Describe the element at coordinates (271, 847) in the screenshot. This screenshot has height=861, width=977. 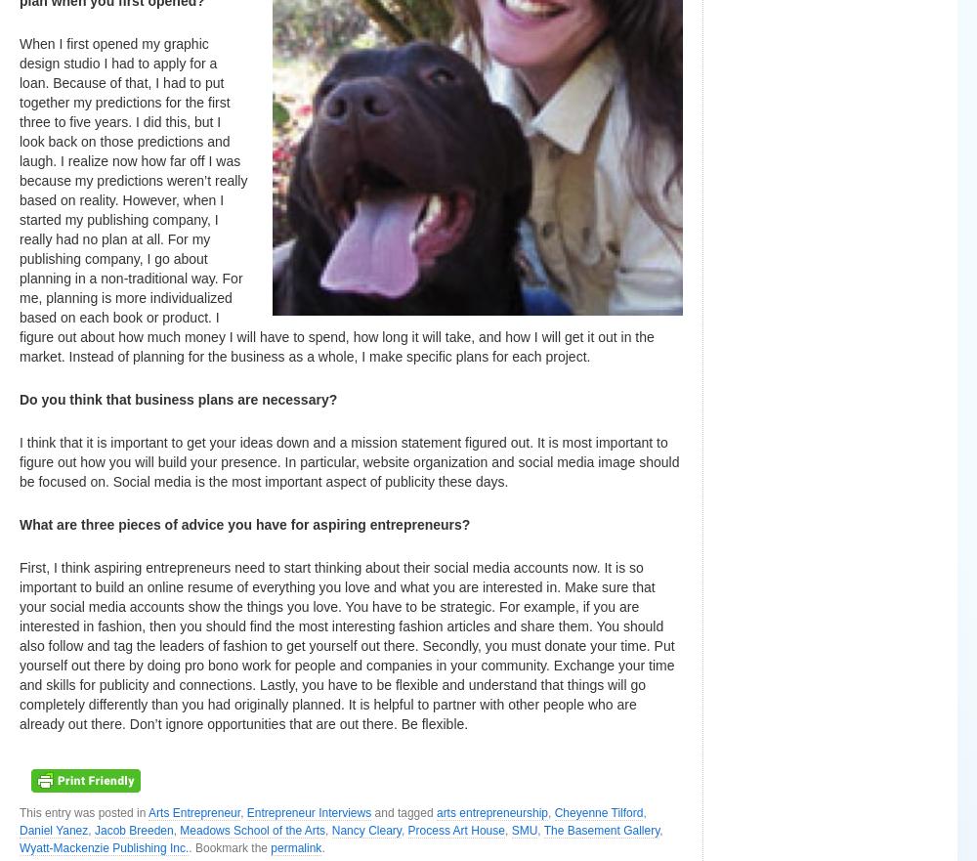
I see `'permalink'` at that location.